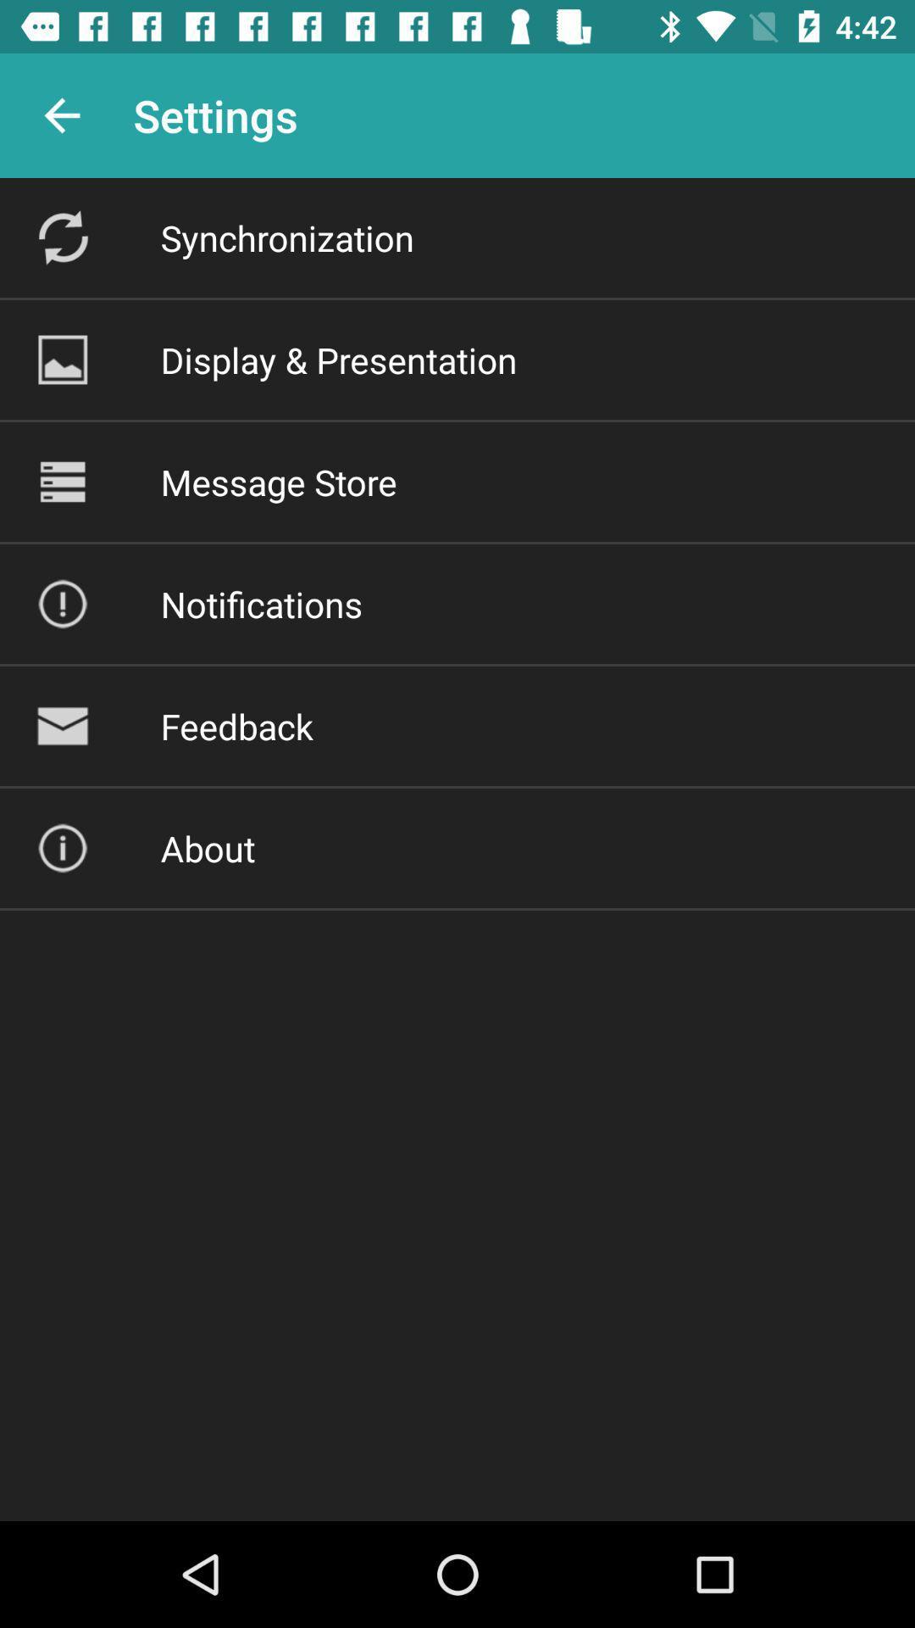 This screenshot has width=915, height=1628. What do you see at coordinates (61, 114) in the screenshot?
I see `the app to the left of settings app` at bounding box center [61, 114].